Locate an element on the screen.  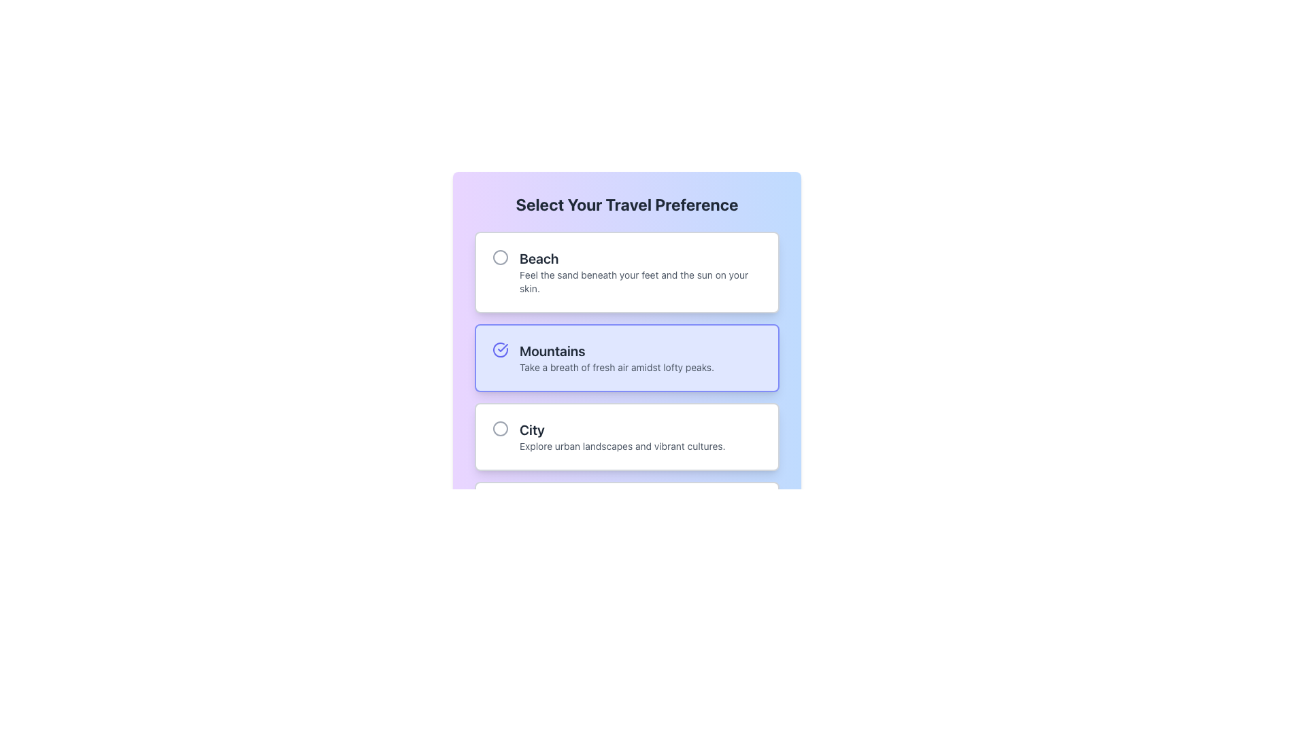
the circular segment of the SVG graphic that is part of the checkmark icon, which is styled with a smooth stroke line and filled with a uniform color is located at coordinates (499, 349).